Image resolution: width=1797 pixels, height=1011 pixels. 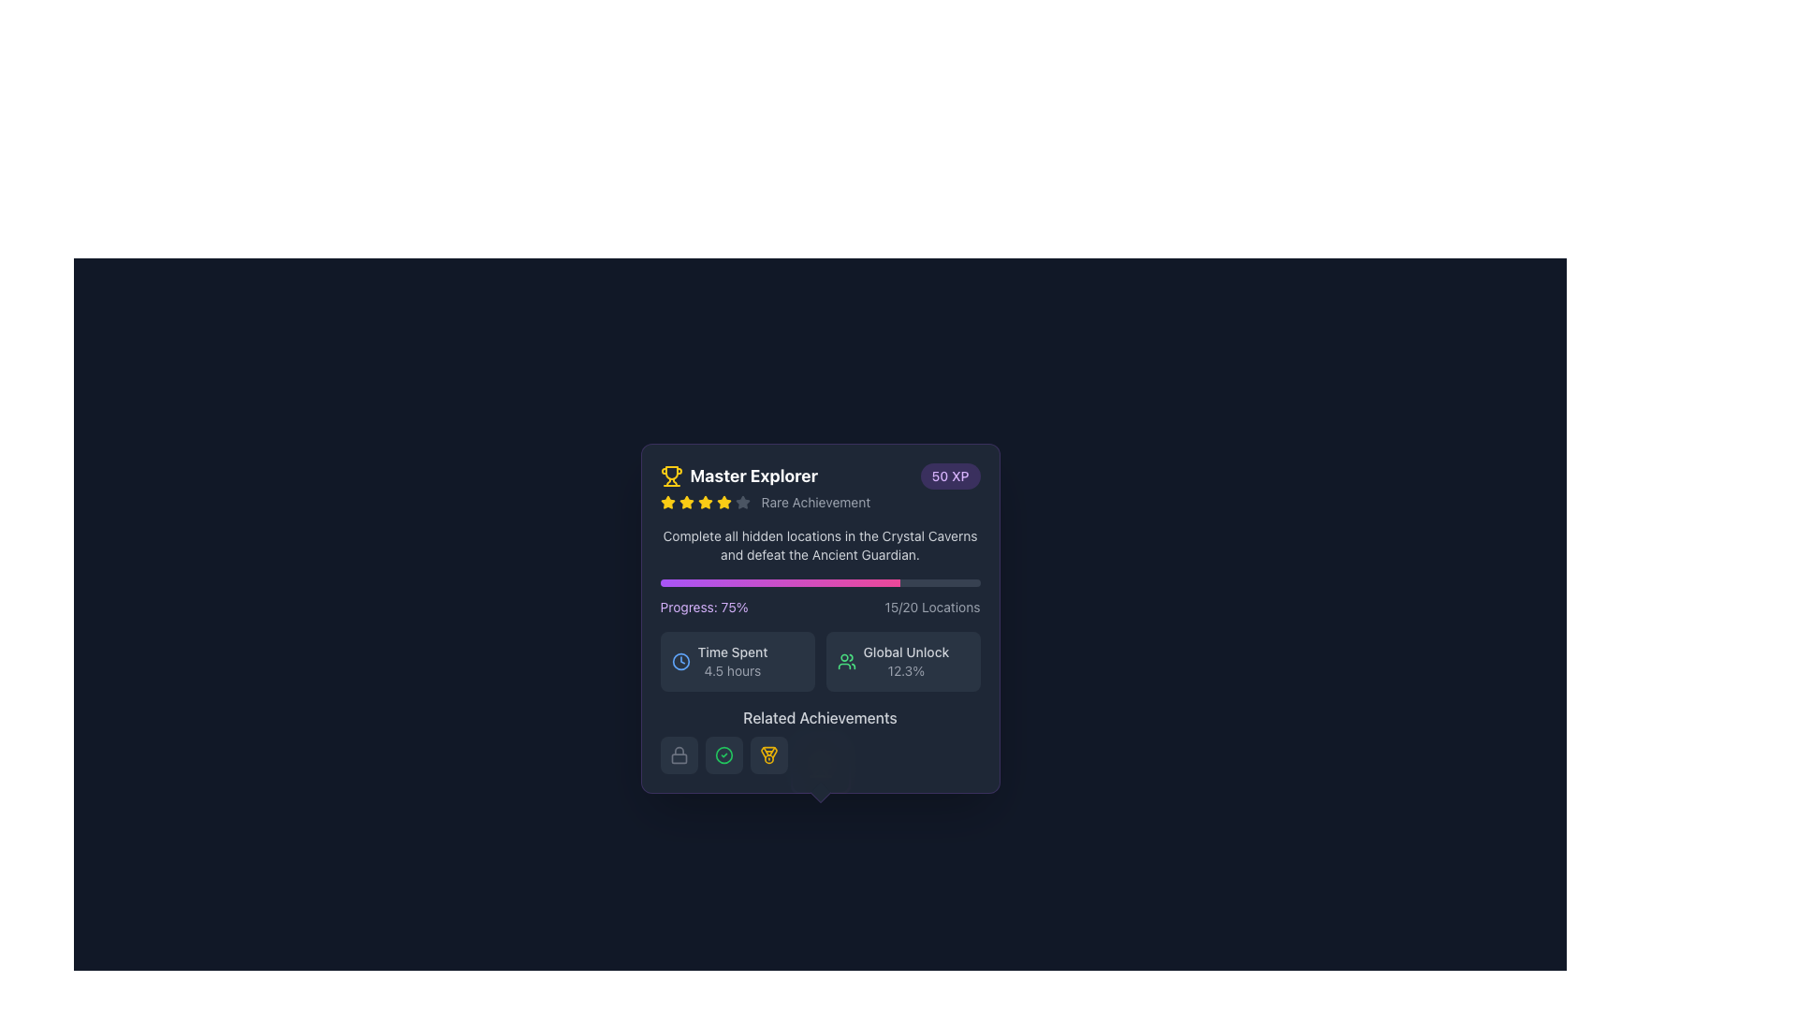 What do you see at coordinates (753, 476) in the screenshot?
I see `the text label that serves as a title for the associated achievement, located in the top-left corner of its enclosing card-style UI element, next to a yellow trophy icon` at bounding box center [753, 476].